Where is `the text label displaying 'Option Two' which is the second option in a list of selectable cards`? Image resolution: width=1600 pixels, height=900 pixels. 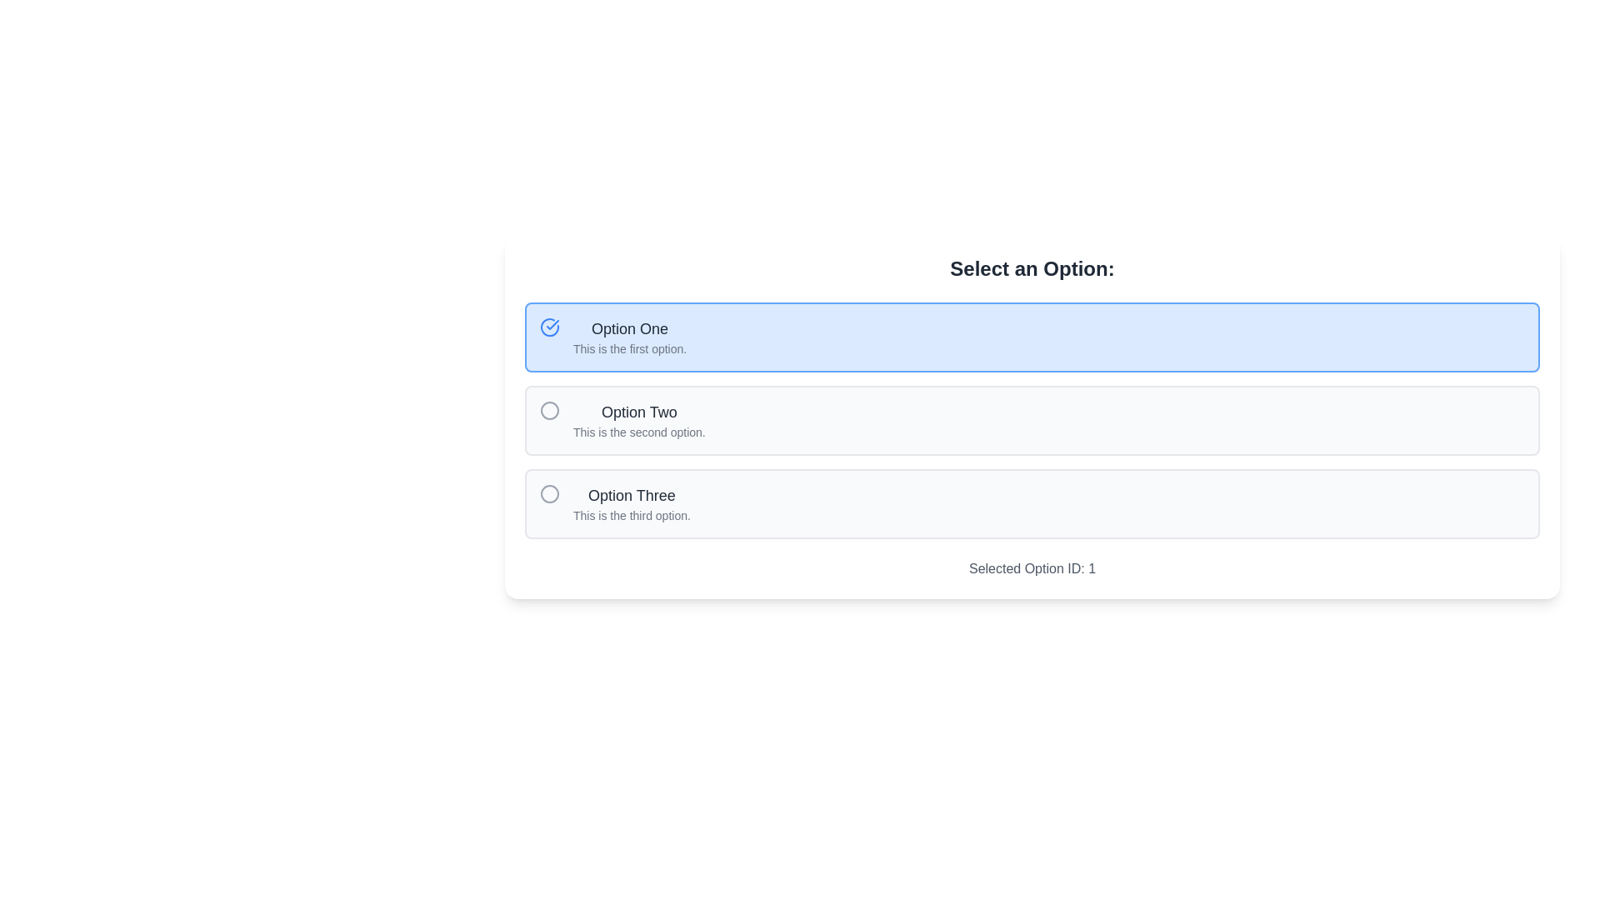 the text label displaying 'Option Two' which is the second option in a list of selectable cards is located at coordinates (638, 420).